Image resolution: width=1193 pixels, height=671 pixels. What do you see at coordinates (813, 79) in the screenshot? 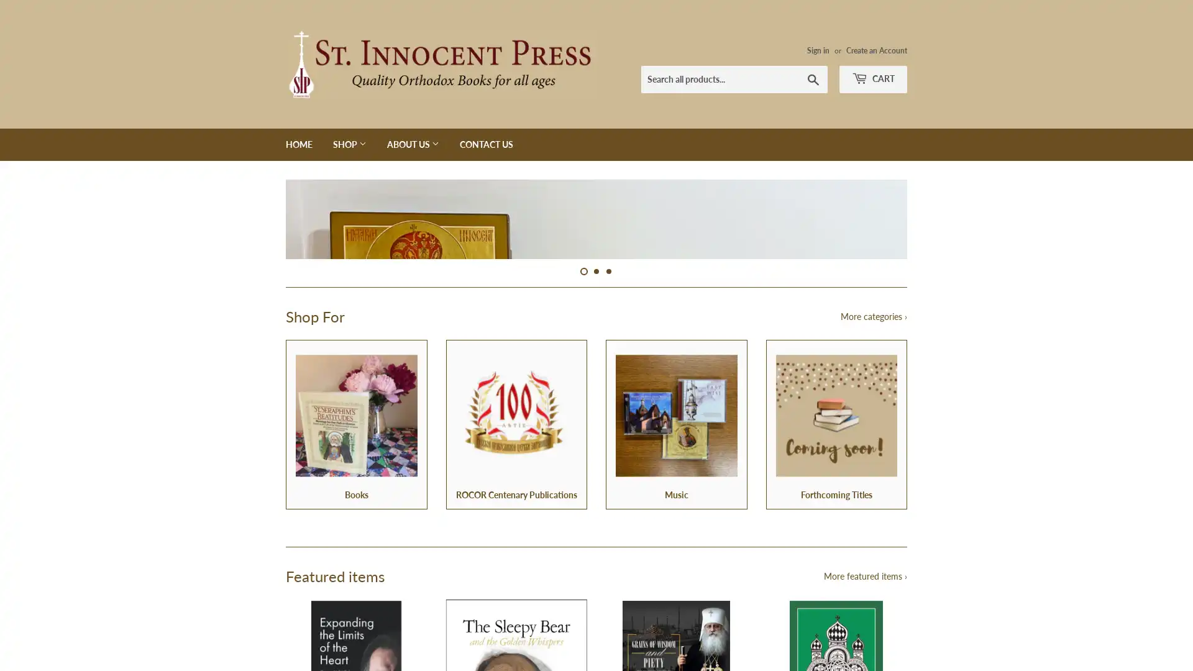
I see `Search` at bounding box center [813, 79].